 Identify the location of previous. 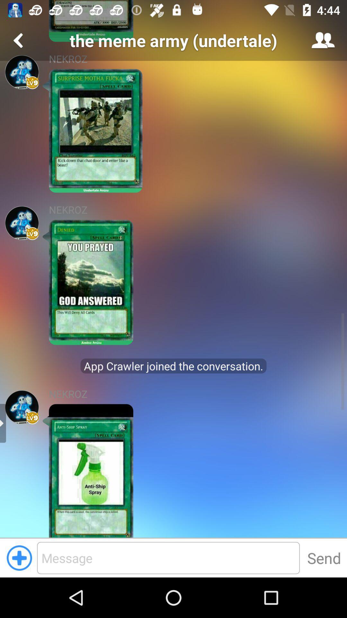
(19, 40).